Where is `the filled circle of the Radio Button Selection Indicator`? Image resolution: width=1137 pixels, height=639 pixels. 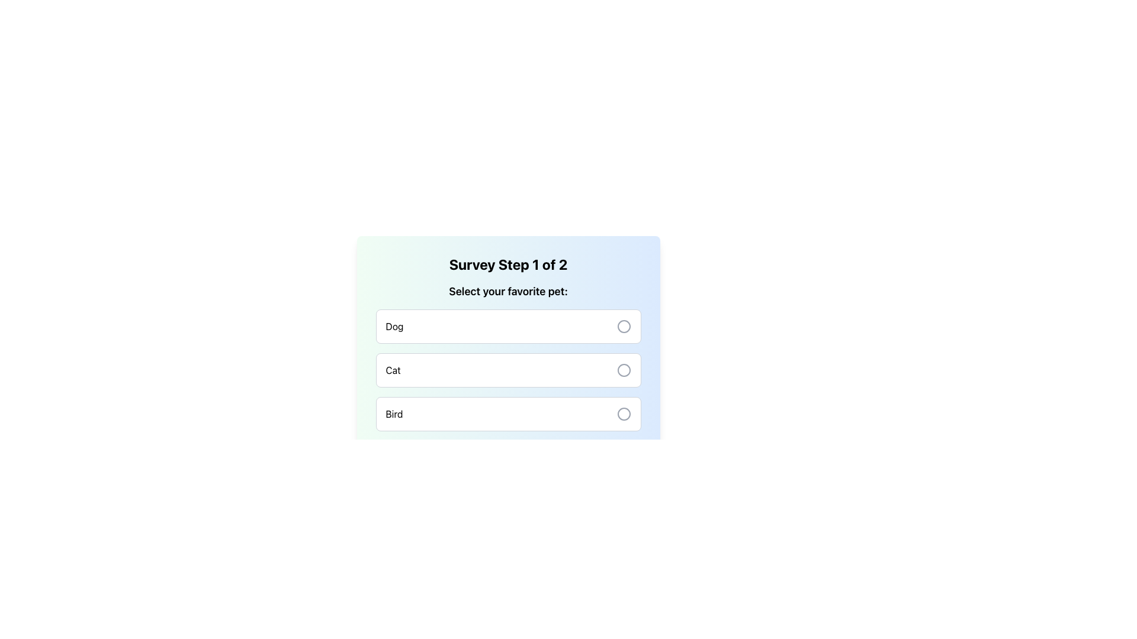 the filled circle of the Radio Button Selection Indicator is located at coordinates (623, 369).